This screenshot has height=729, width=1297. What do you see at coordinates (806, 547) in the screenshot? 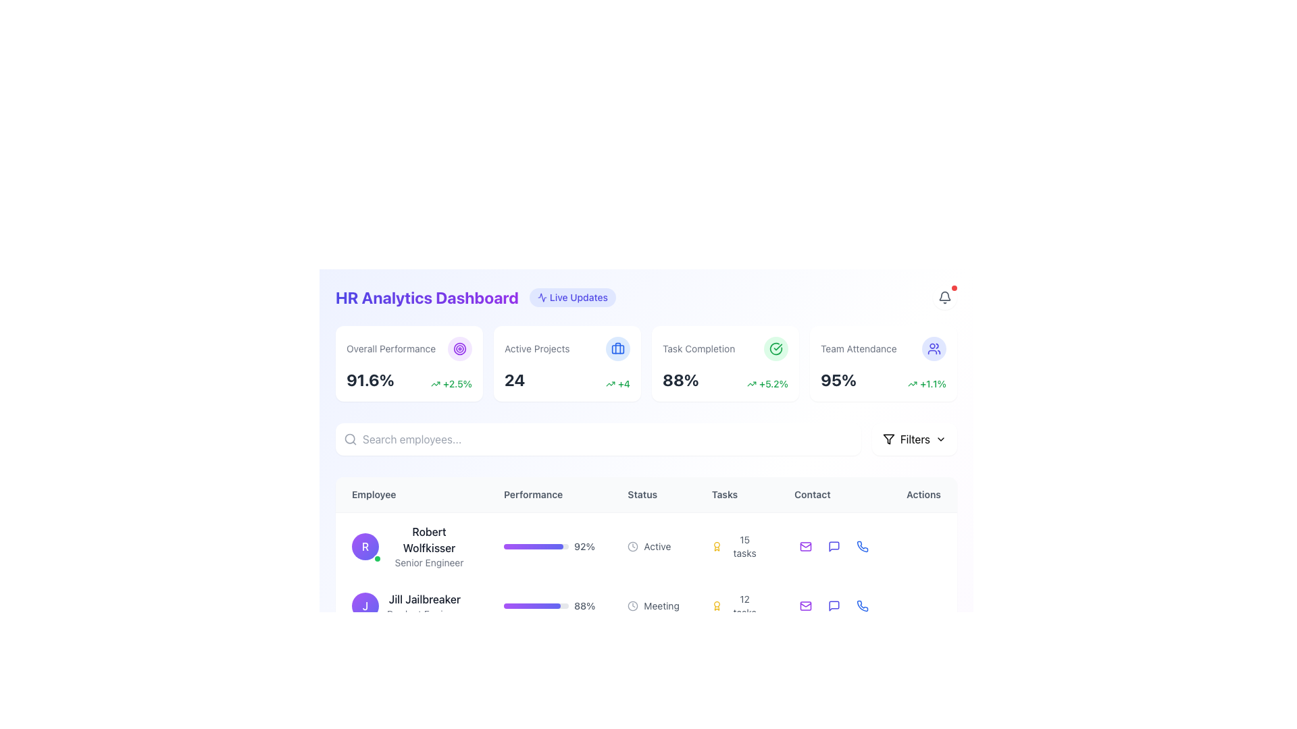
I see `the purple mail icon button in the 'Contact' column of the employee data table to initiate an email for 'Robert Wolfkisser.'` at bounding box center [806, 547].